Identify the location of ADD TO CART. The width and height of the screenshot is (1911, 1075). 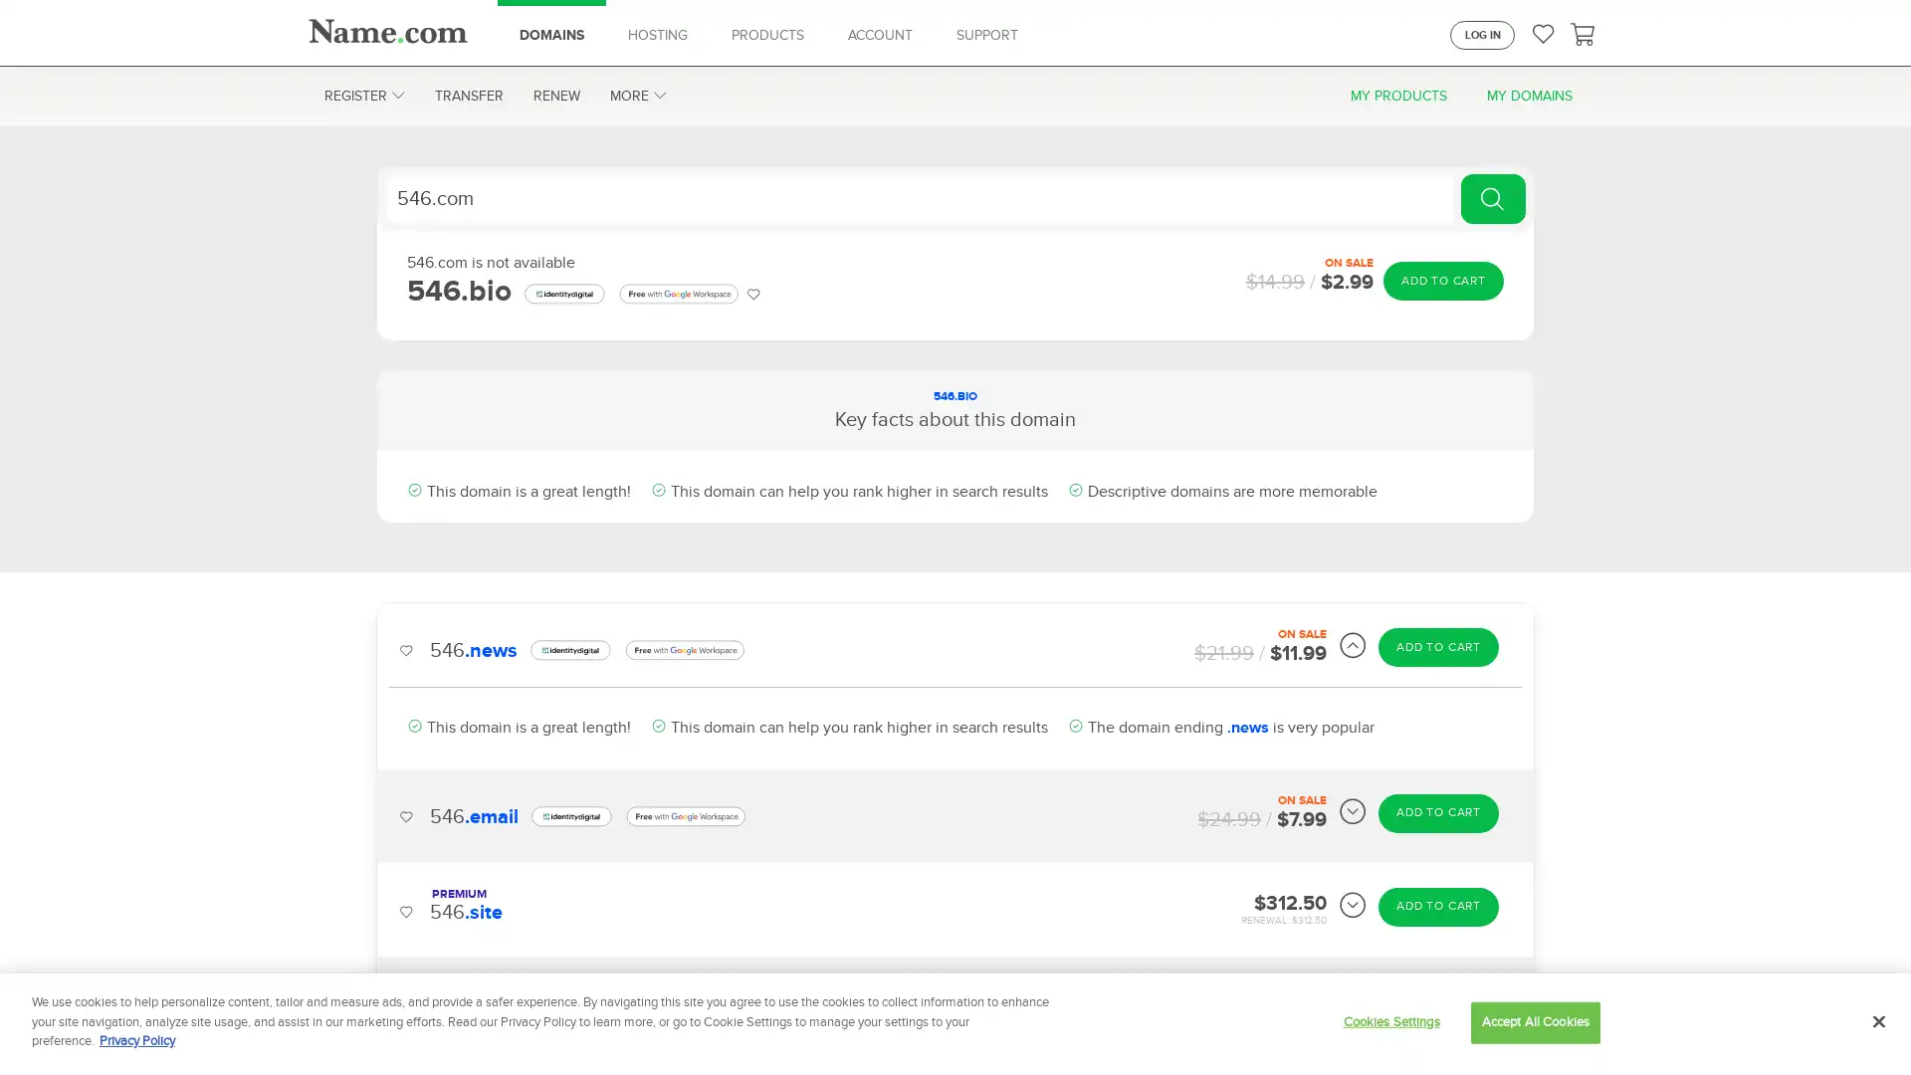
(1438, 647).